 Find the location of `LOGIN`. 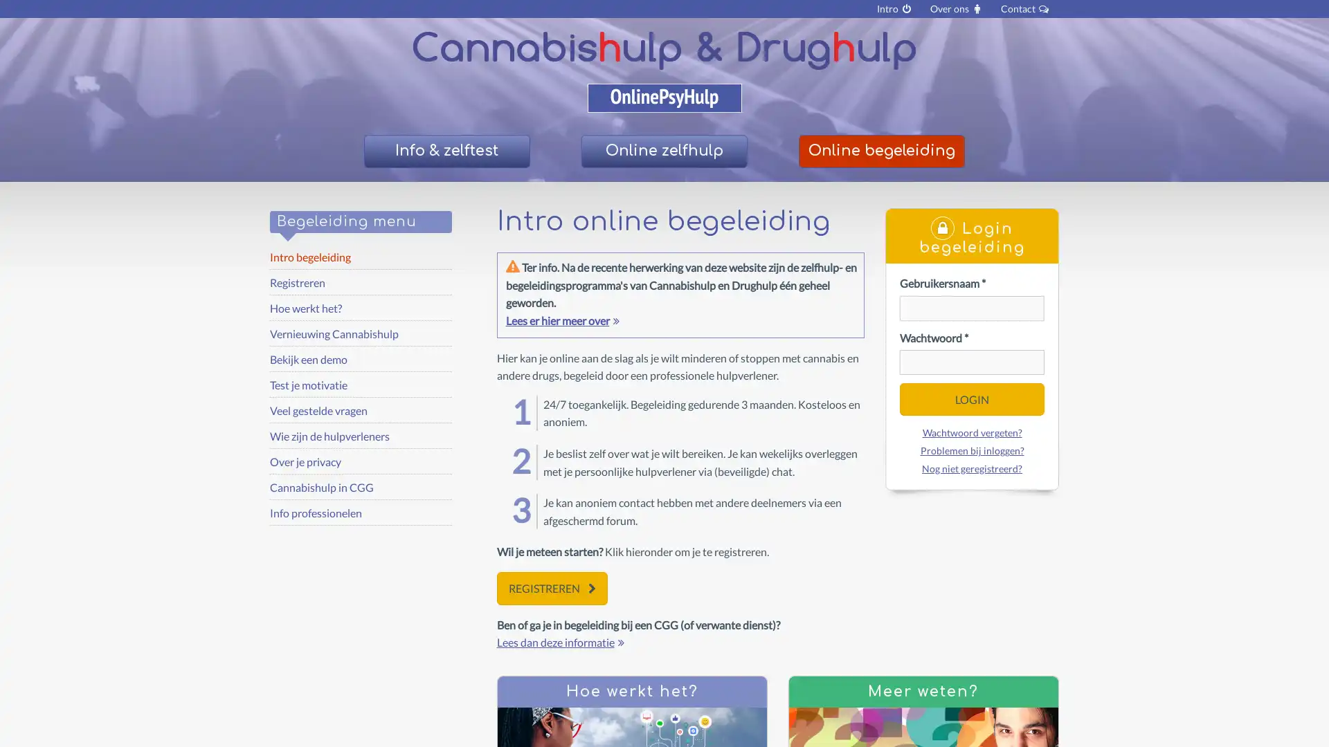

LOGIN is located at coordinates (970, 399).